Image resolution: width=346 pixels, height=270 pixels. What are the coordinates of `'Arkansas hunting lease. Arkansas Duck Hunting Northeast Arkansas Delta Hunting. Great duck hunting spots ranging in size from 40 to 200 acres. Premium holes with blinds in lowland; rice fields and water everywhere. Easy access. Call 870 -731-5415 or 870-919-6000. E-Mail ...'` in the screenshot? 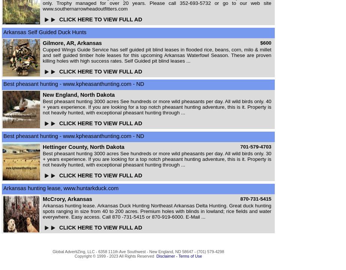 It's located at (157, 211).